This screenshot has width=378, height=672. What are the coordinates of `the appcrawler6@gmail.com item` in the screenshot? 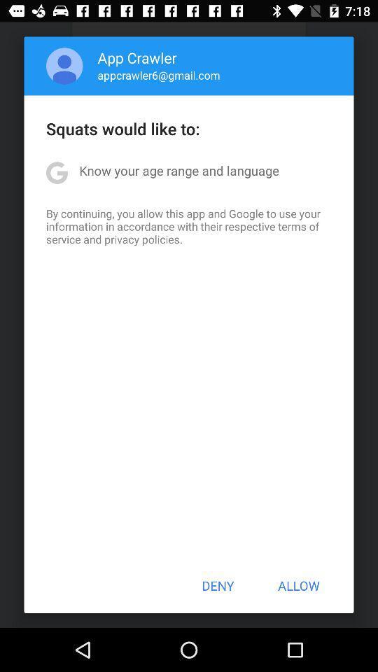 It's located at (158, 75).